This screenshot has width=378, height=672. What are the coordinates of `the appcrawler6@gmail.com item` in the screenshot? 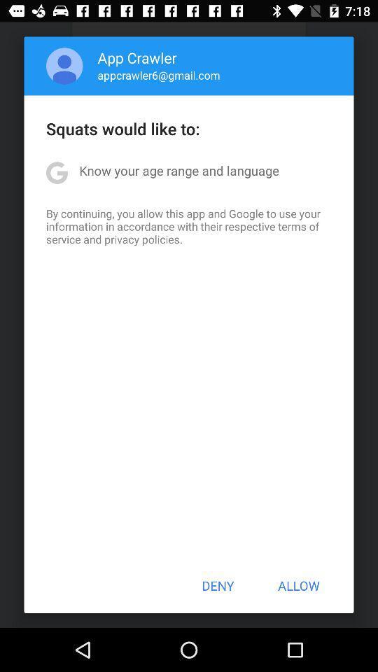 It's located at (158, 75).